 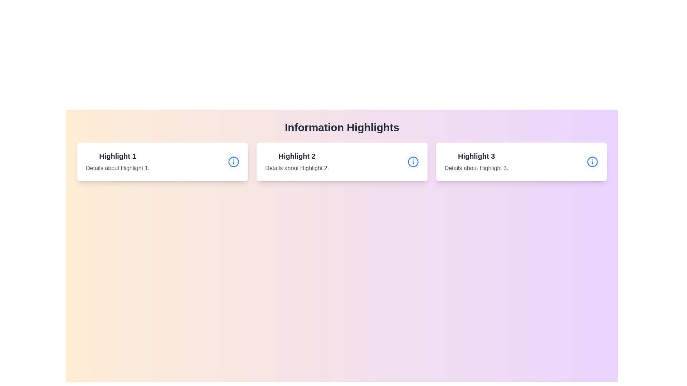 I want to click on the text block labeled 'Highlight 1' which contains details about it, positioned in the first card of the series, so click(x=117, y=162).